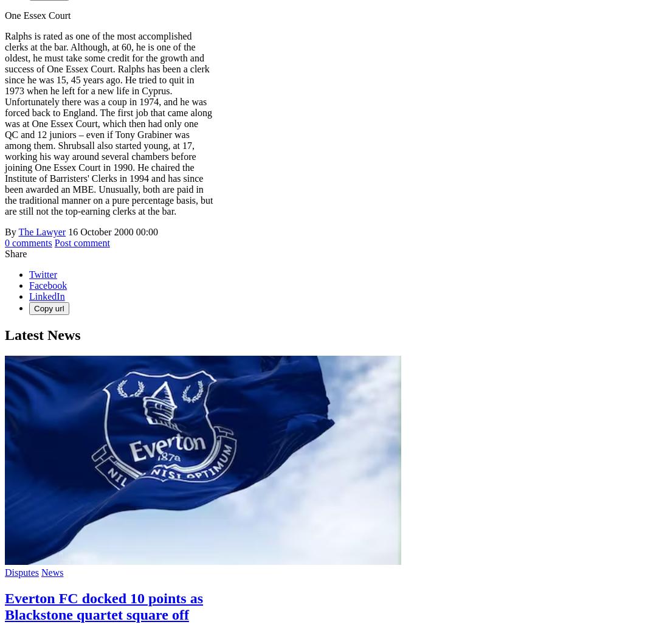  Describe the element at coordinates (43, 274) in the screenshot. I see `'Twitter'` at that location.